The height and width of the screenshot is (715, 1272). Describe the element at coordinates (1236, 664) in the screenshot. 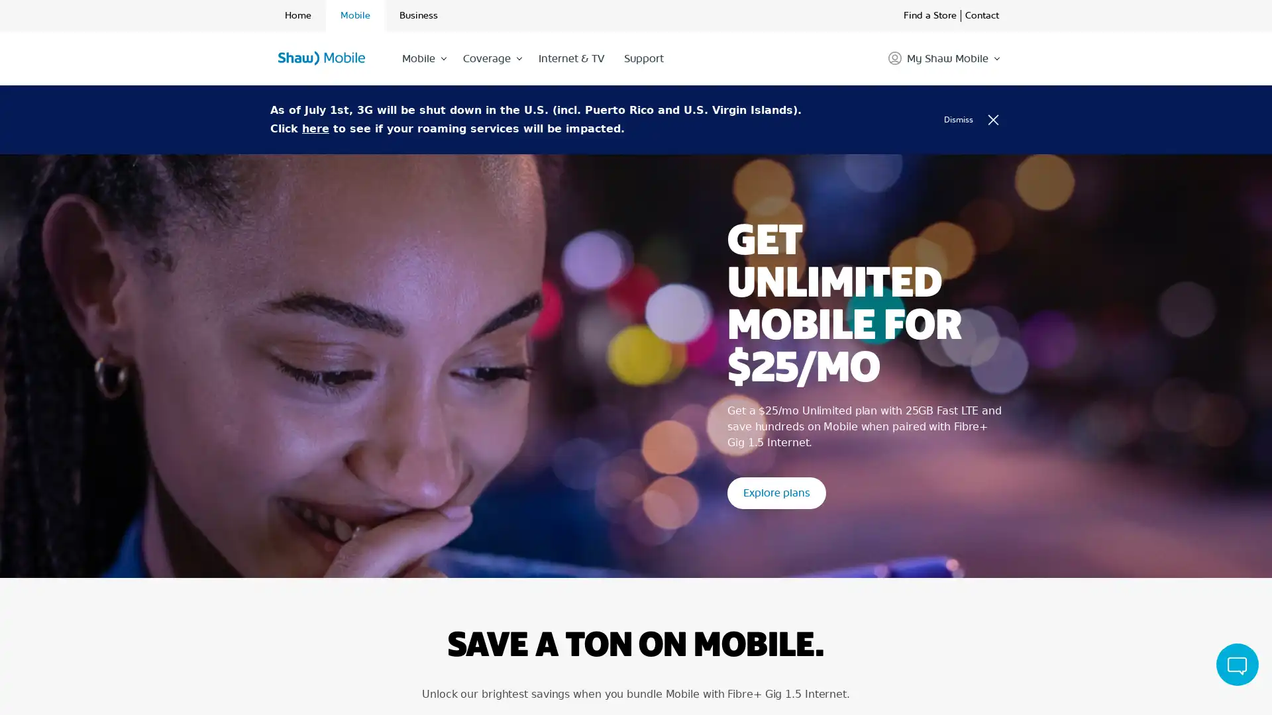

I see `Open Live Chat` at that location.